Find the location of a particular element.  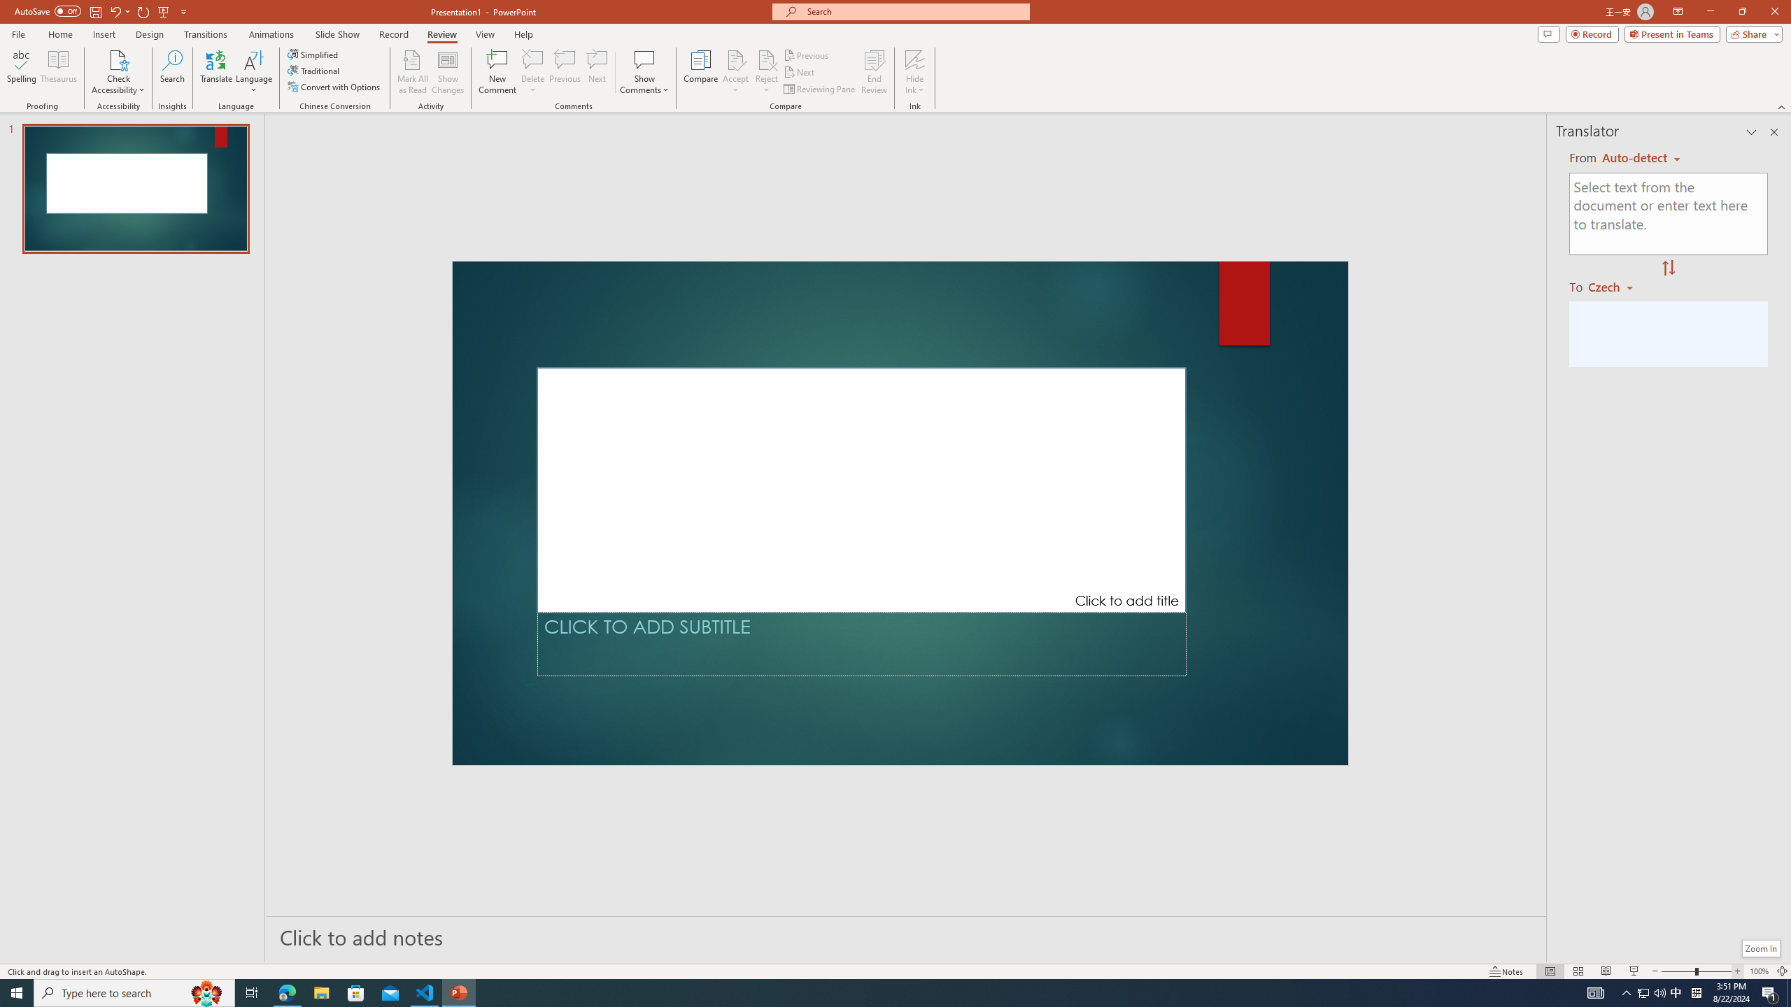

'Traditional' is located at coordinates (313, 69).